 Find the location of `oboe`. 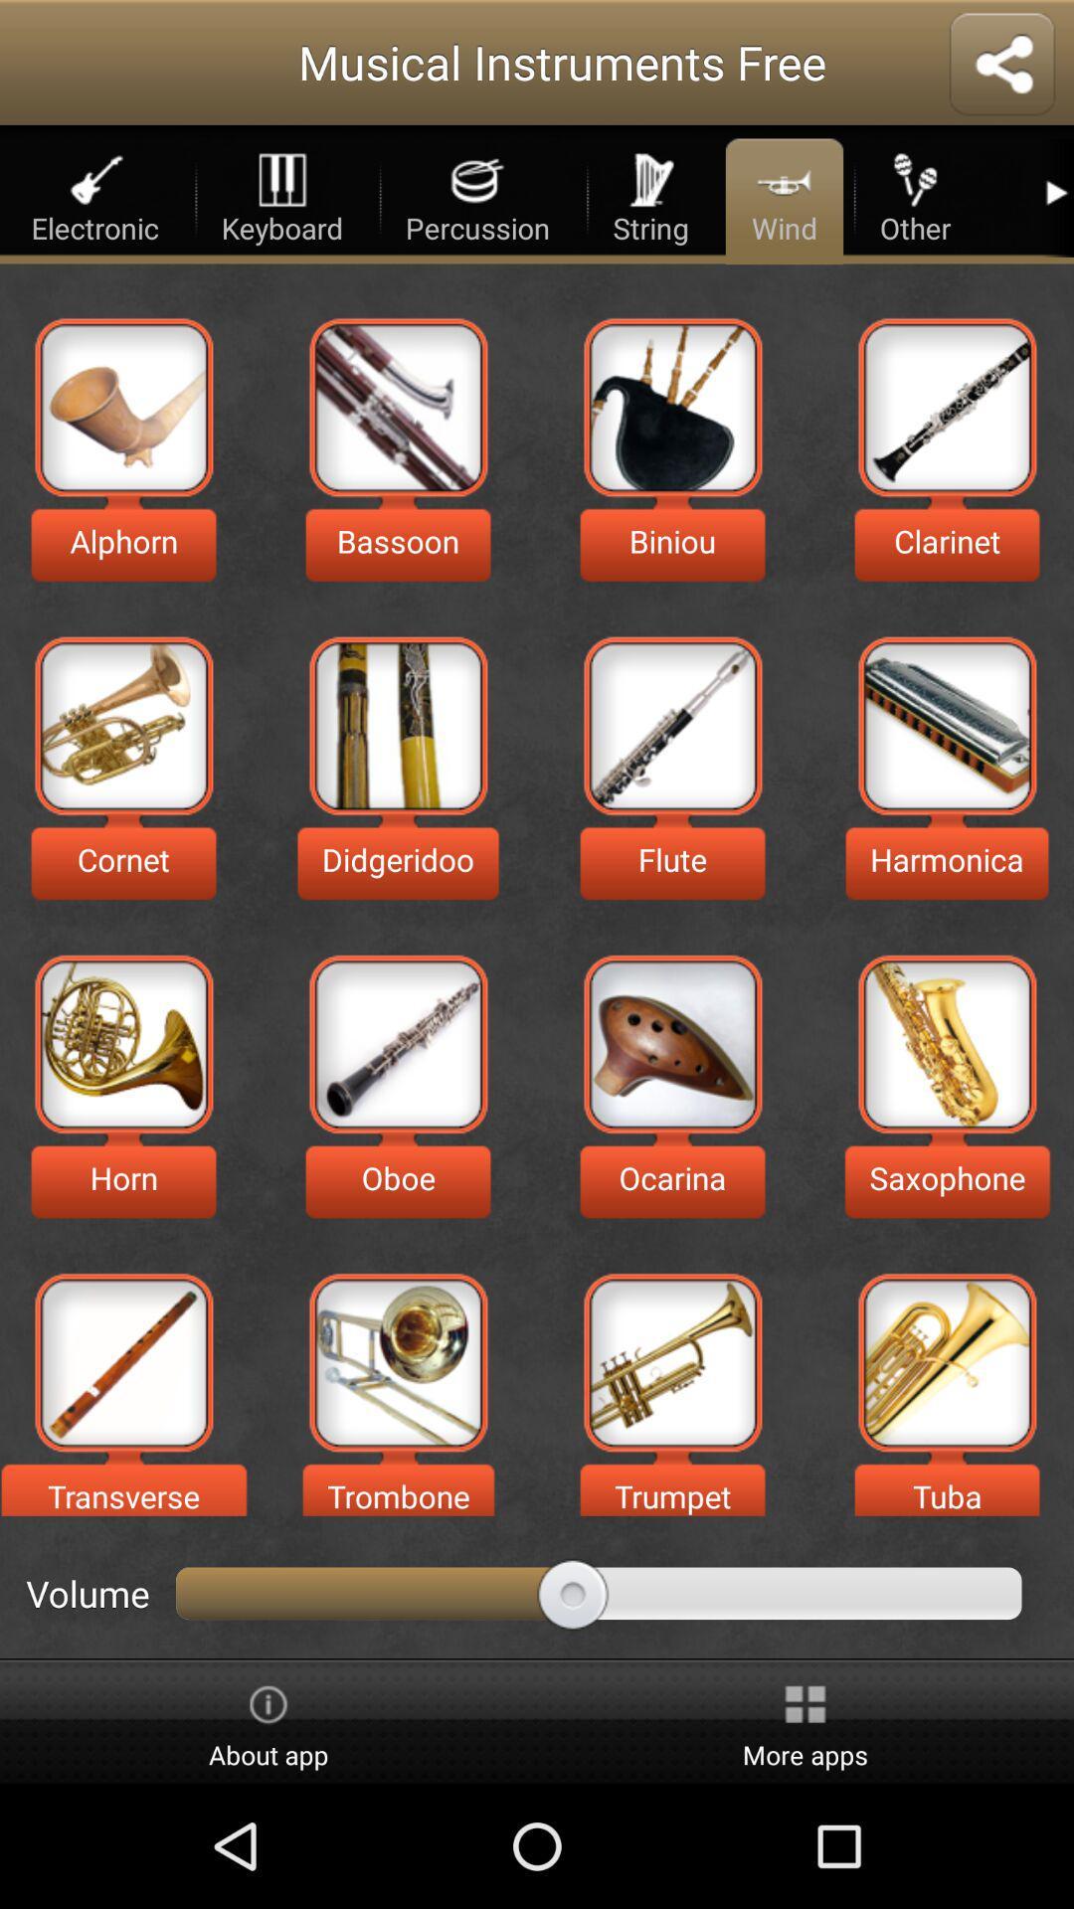

oboe is located at coordinates (398, 1043).